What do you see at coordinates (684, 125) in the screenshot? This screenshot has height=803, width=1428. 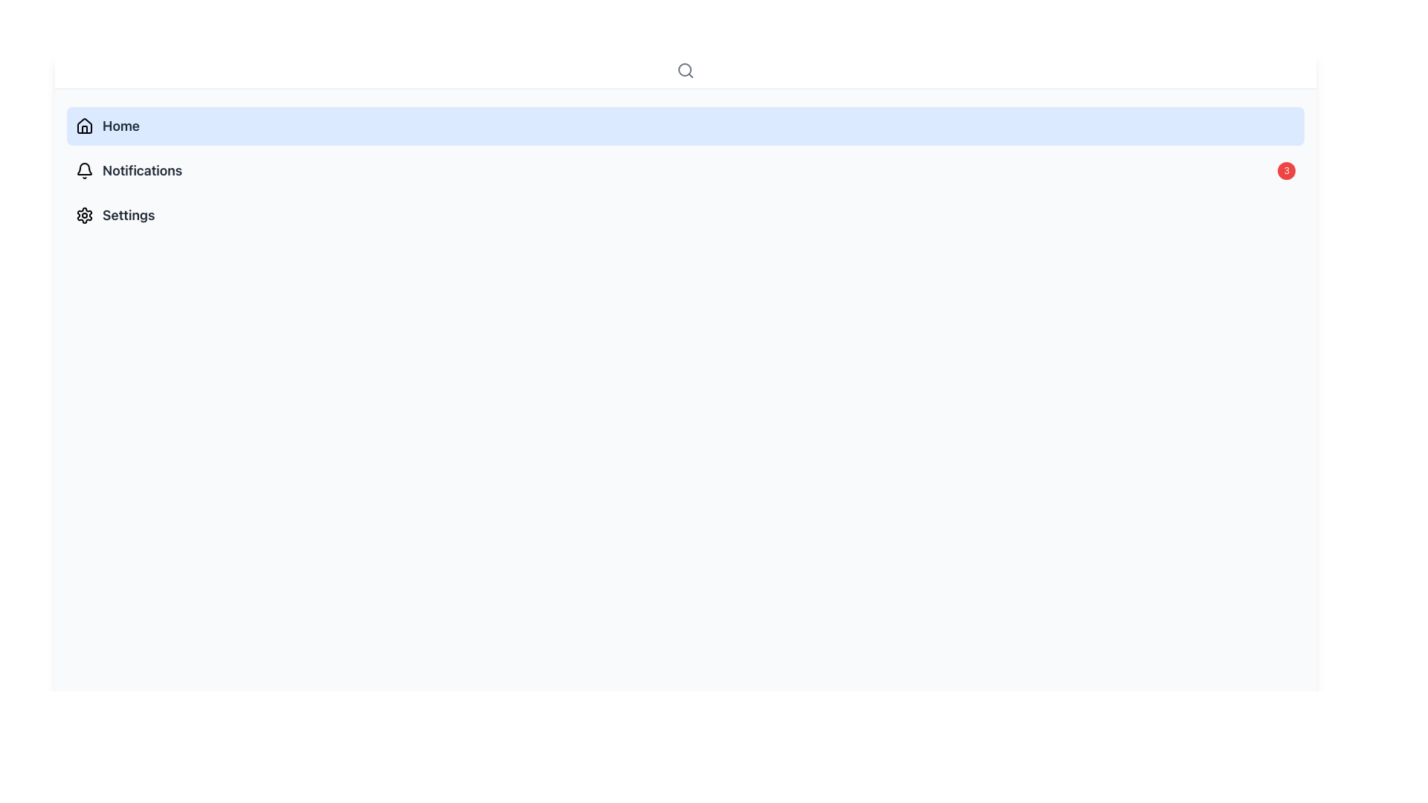 I see `the Navigation Button` at bounding box center [684, 125].